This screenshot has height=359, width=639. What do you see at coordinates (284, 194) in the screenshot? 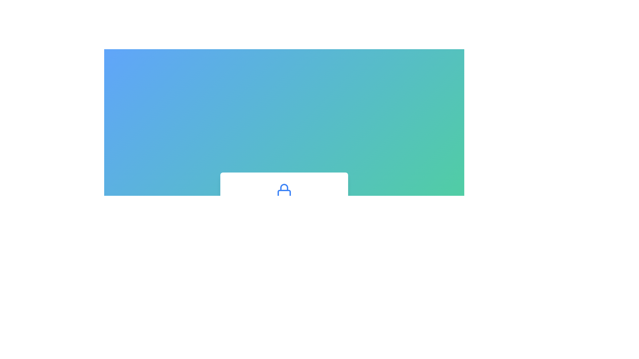
I see `the small rectangular decorative element located at the bottom center of the lock icon, which features a circular arch at the top and a modern blue design` at bounding box center [284, 194].